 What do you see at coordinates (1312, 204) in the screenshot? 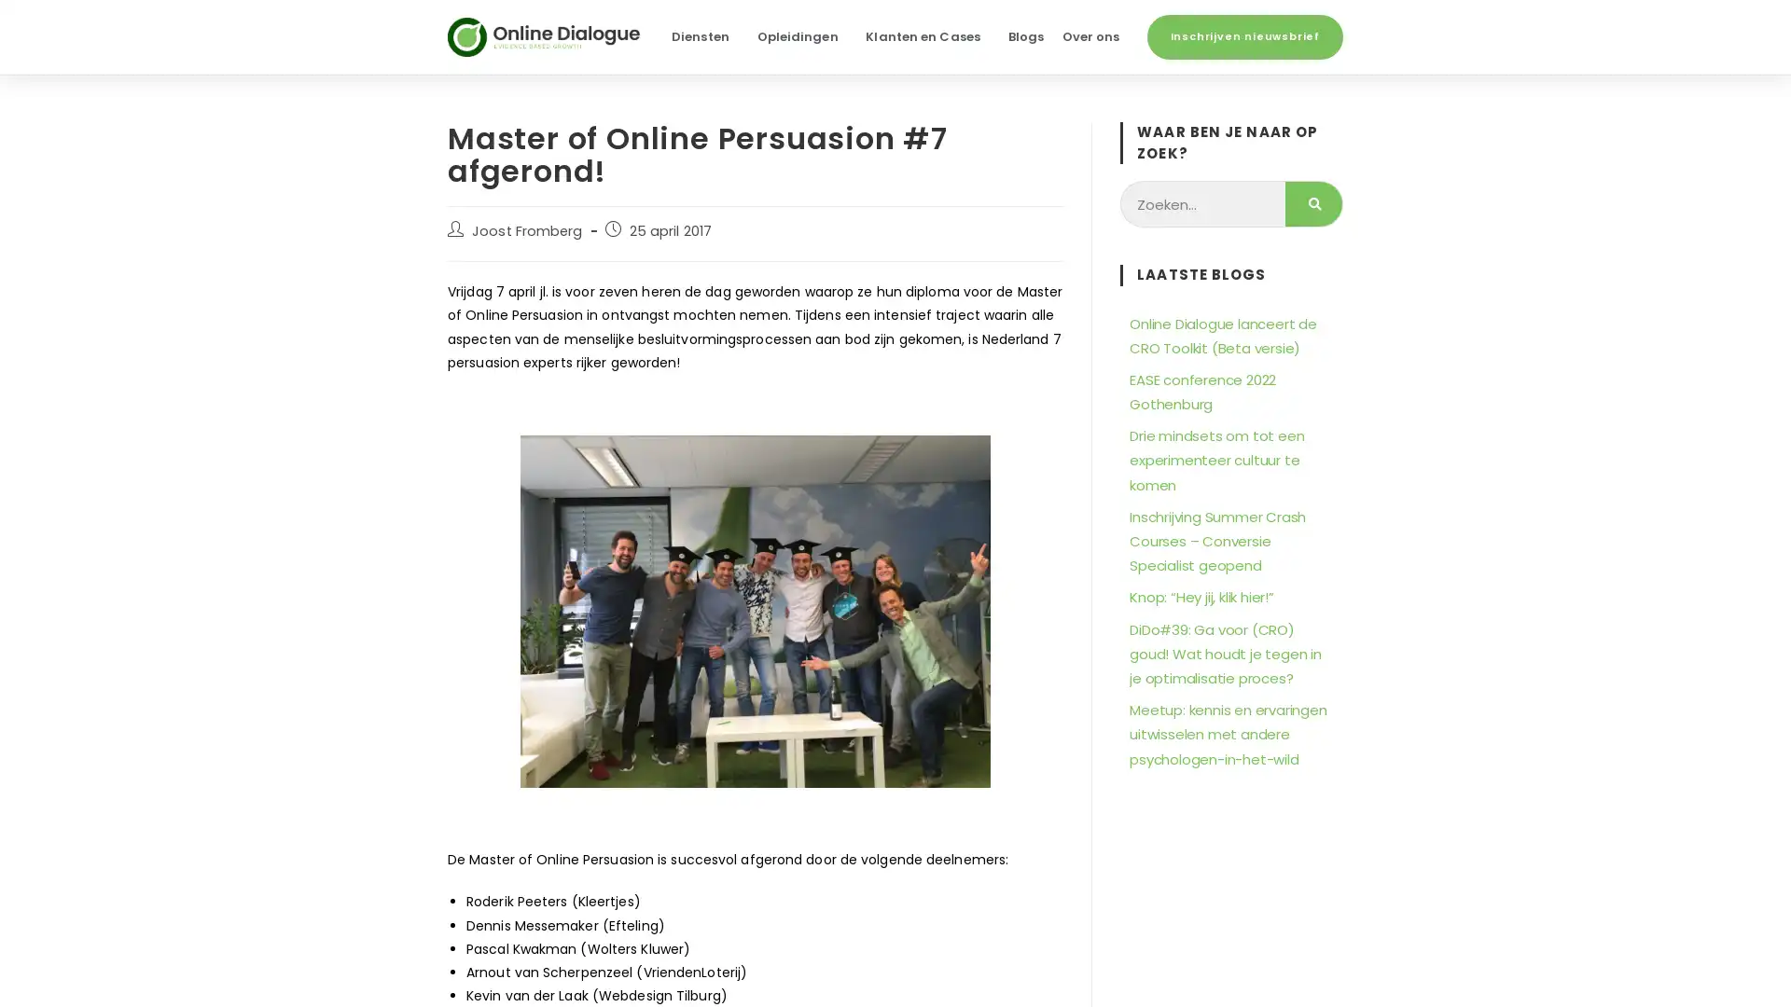
I see `Search` at bounding box center [1312, 204].